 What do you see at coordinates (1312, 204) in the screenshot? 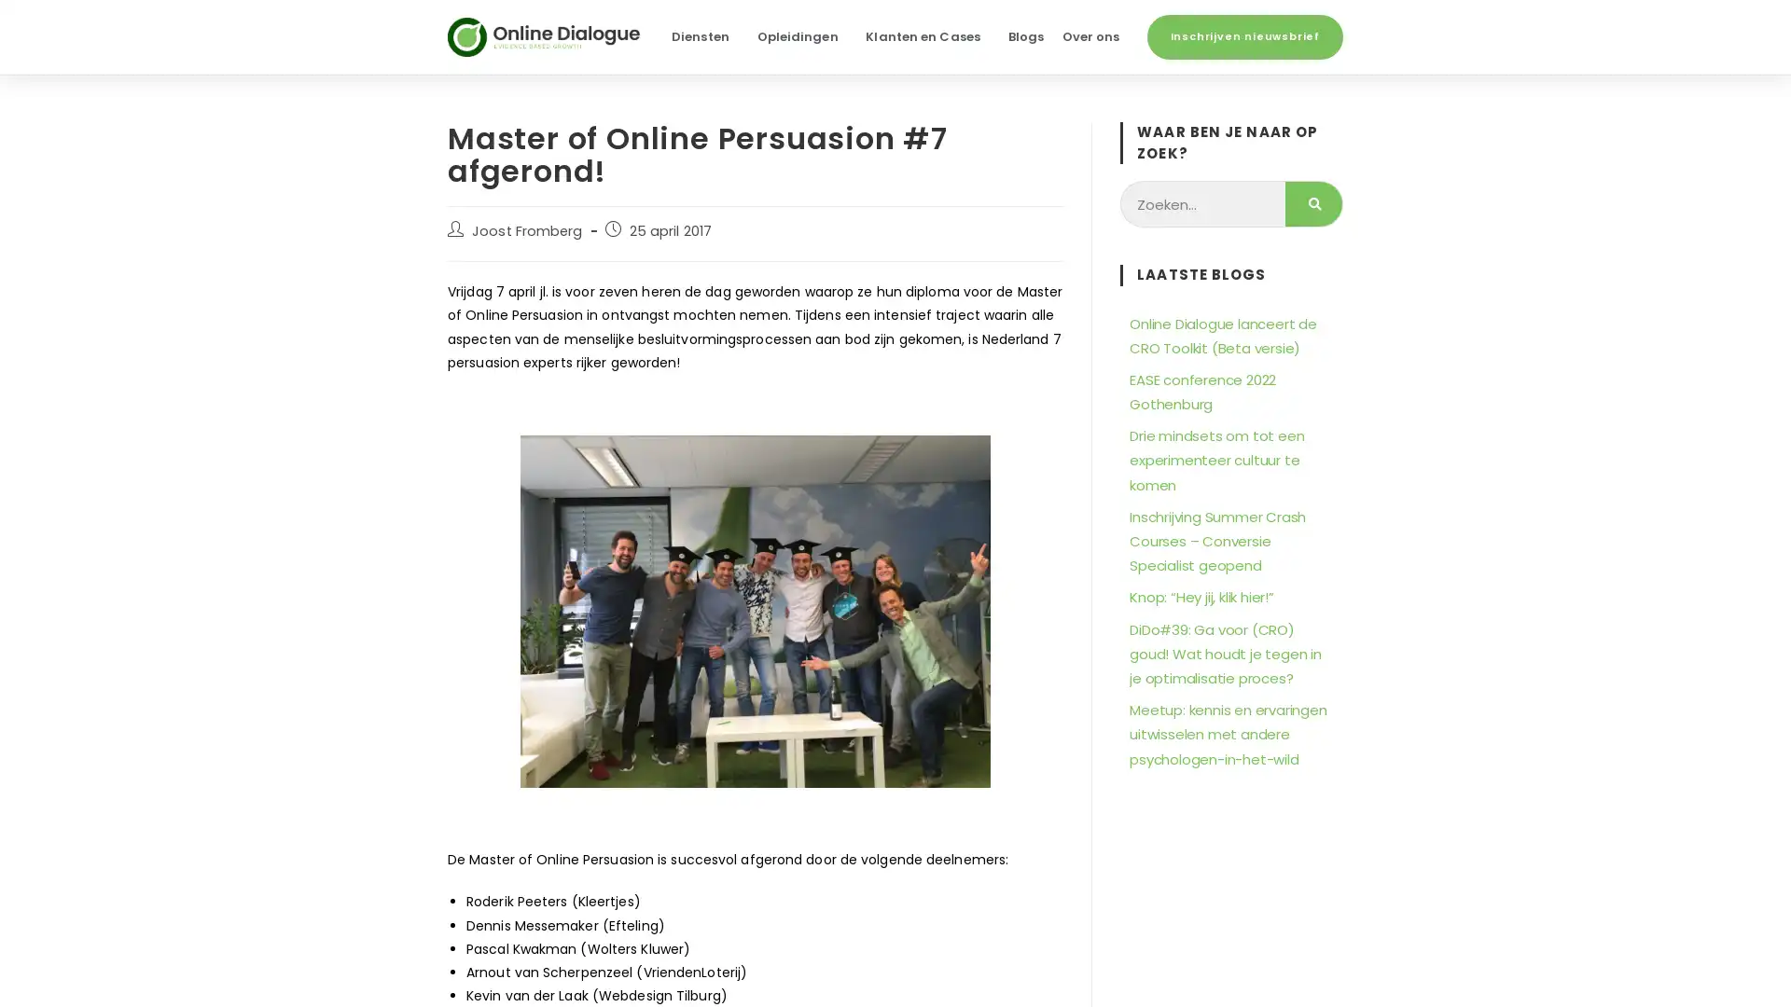
I see `Search` at bounding box center [1312, 204].